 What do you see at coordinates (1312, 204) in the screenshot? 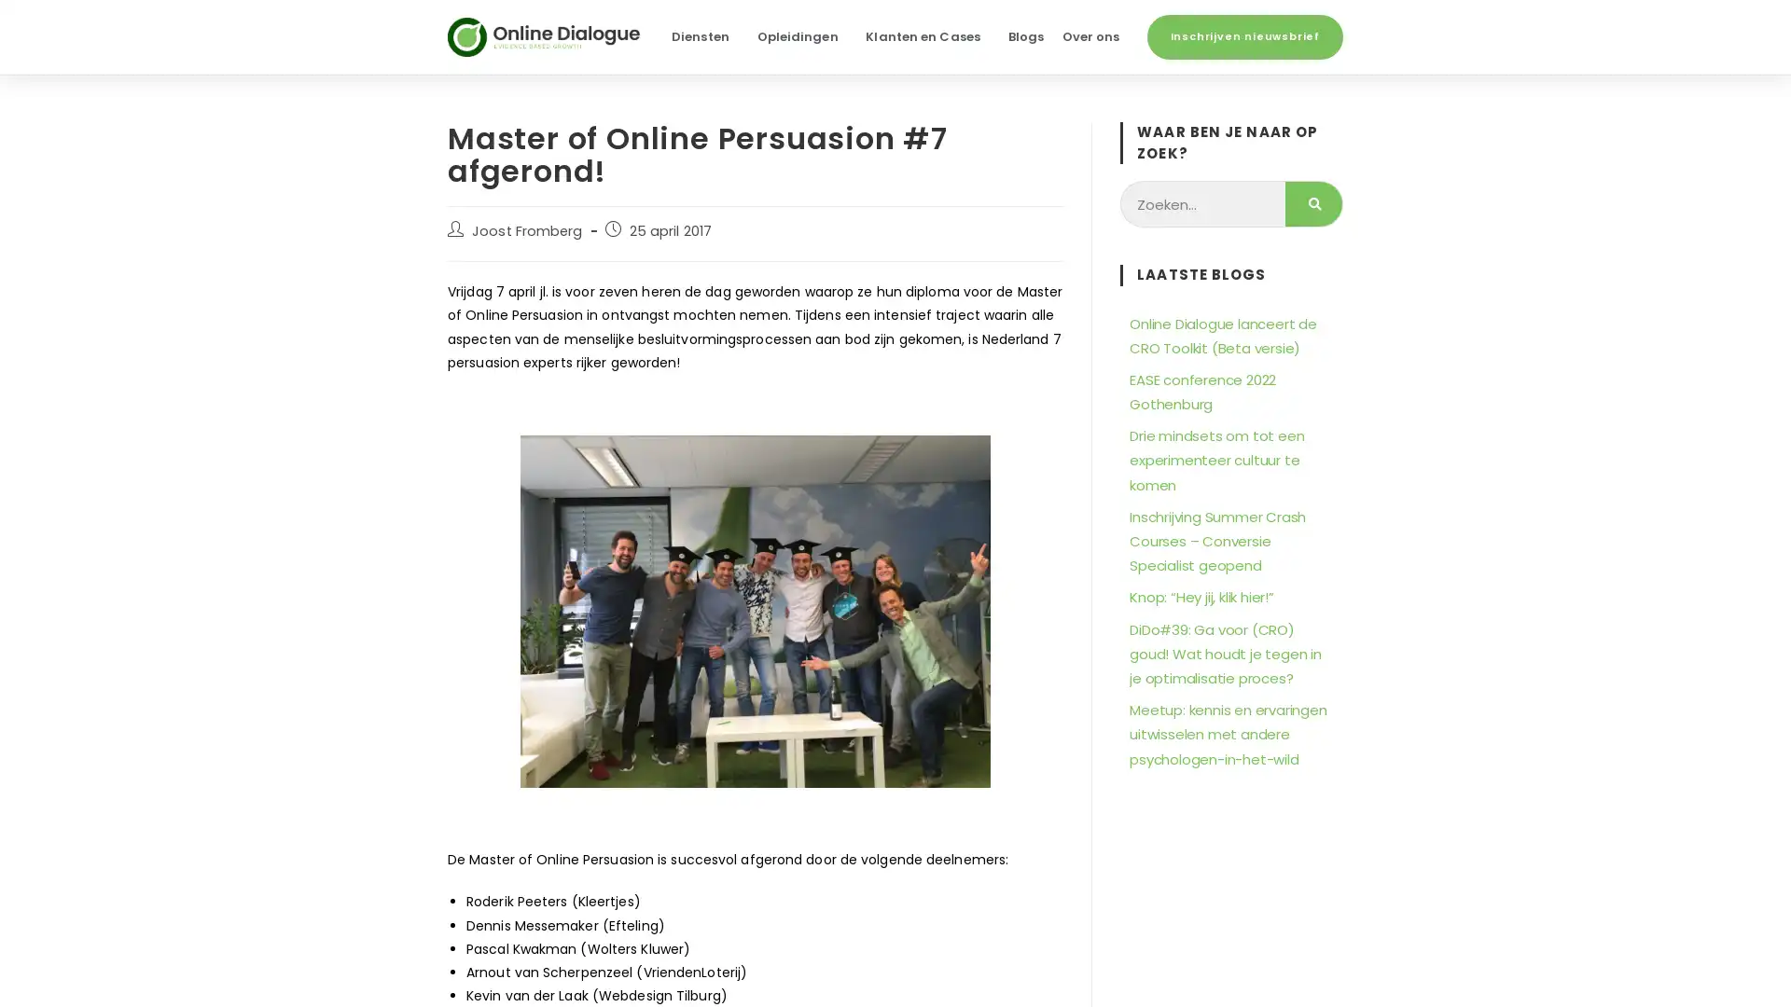
I see `Search` at bounding box center [1312, 204].